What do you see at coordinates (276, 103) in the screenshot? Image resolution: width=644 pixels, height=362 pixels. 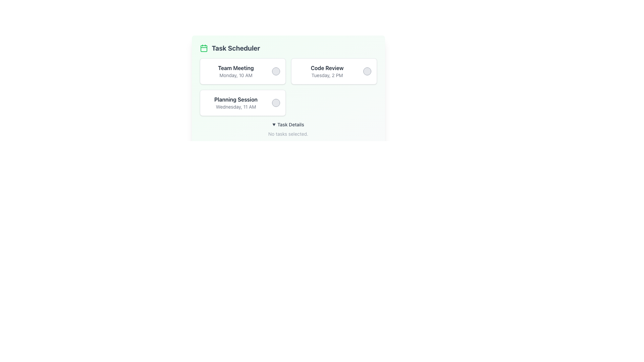 I see `the circular indicator button with a gray border and light gray background located in the bottom-left quadrant of the 'Planning Session - Wednesday, 11 AM' section` at bounding box center [276, 103].